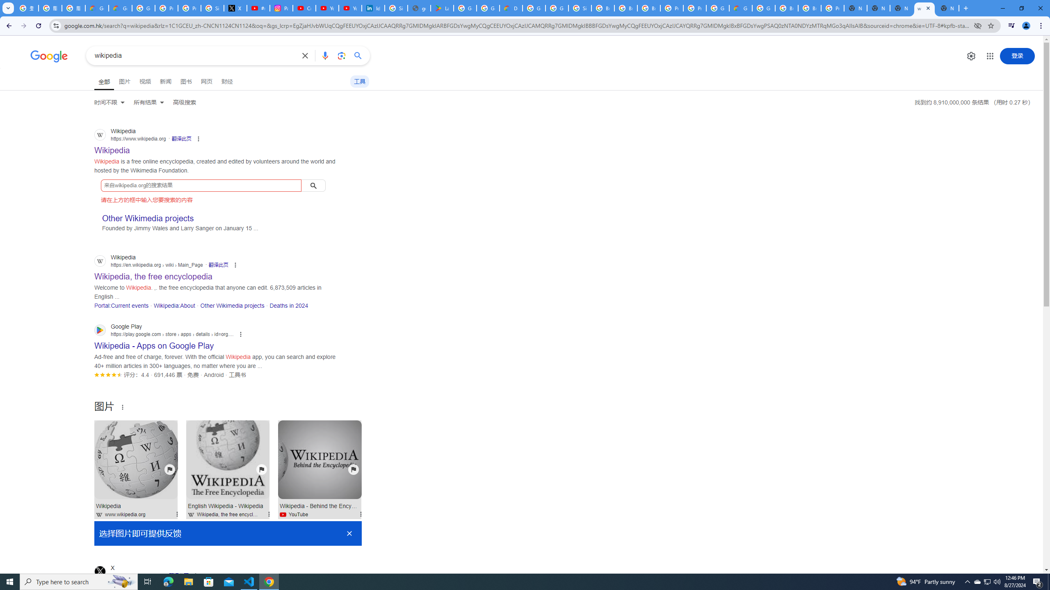  What do you see at coordinates (764, 8) in the screenshot?
I see `'Google Cloud Platform'` at bounding box center [764, 8].